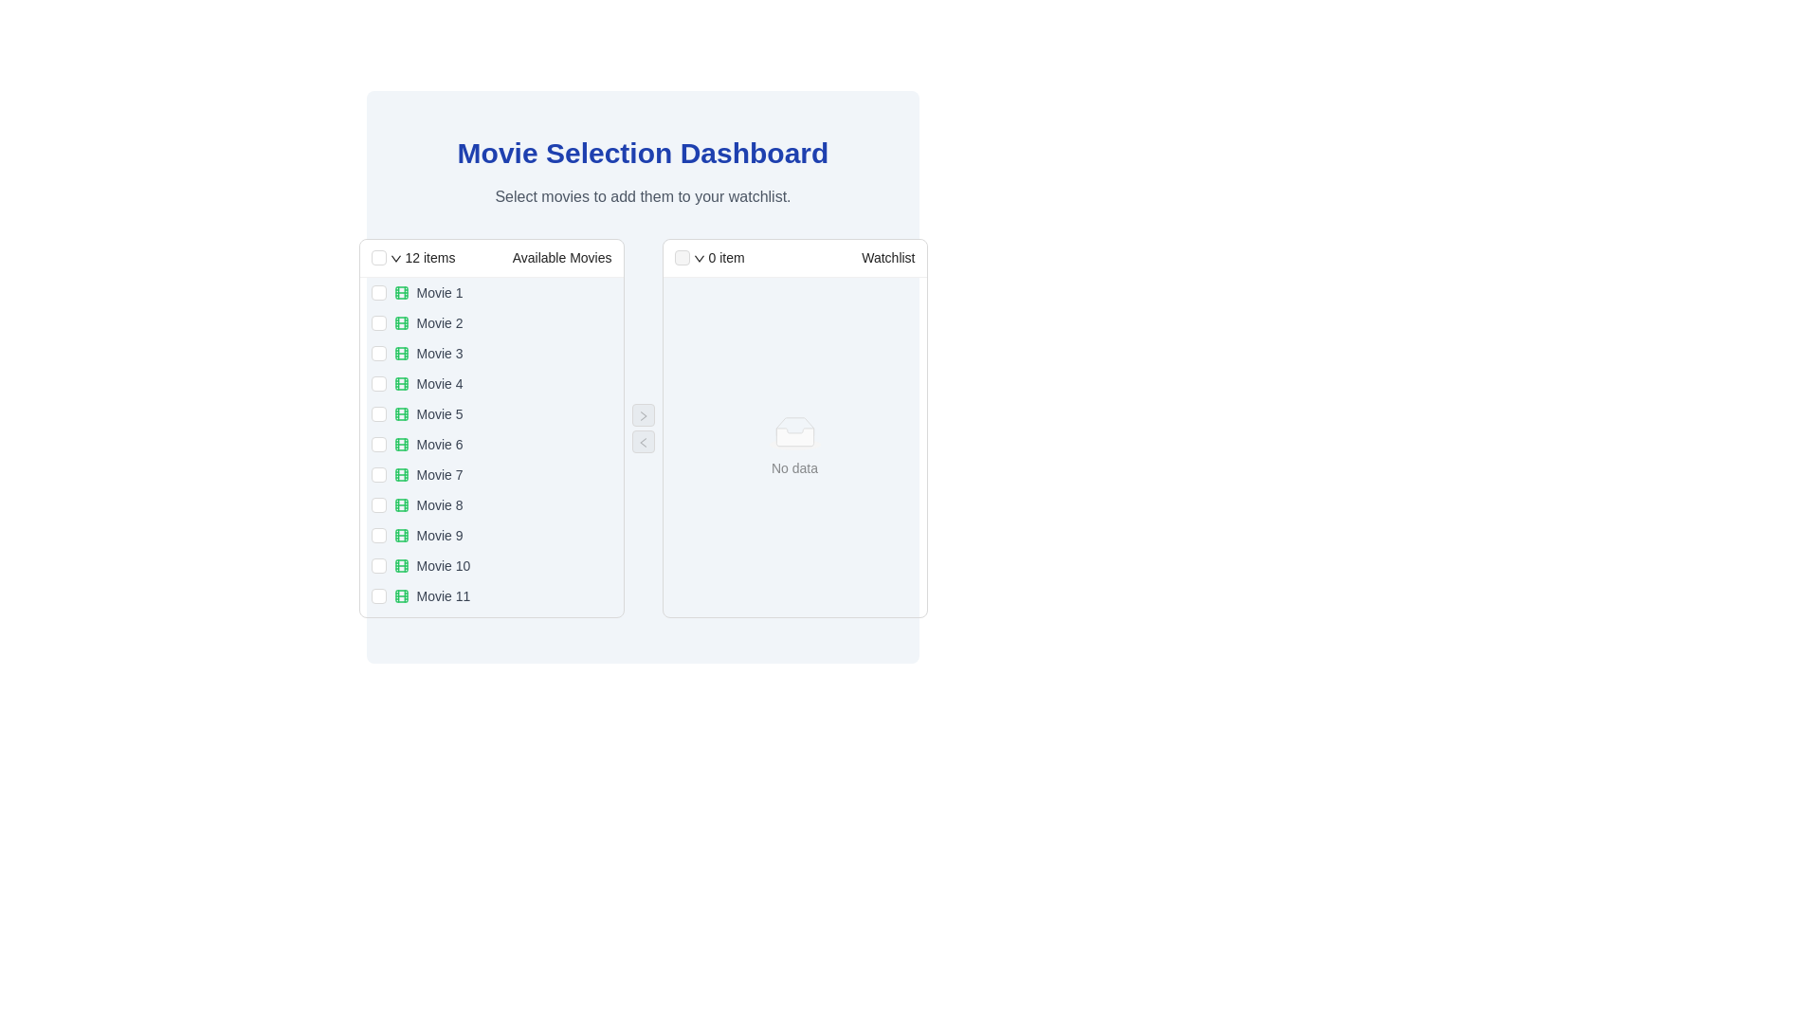 The width and height of the screenshot is (1820, 1024). I want to click on the checkbox, so click(491, 321).